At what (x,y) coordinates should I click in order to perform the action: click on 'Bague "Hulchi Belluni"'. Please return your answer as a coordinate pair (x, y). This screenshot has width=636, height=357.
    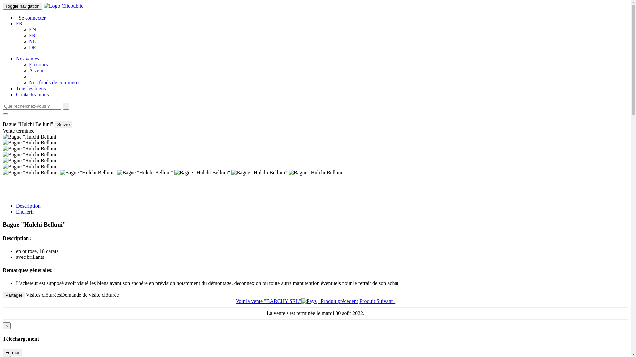
    Looking at the image, I should click on (30, 166).